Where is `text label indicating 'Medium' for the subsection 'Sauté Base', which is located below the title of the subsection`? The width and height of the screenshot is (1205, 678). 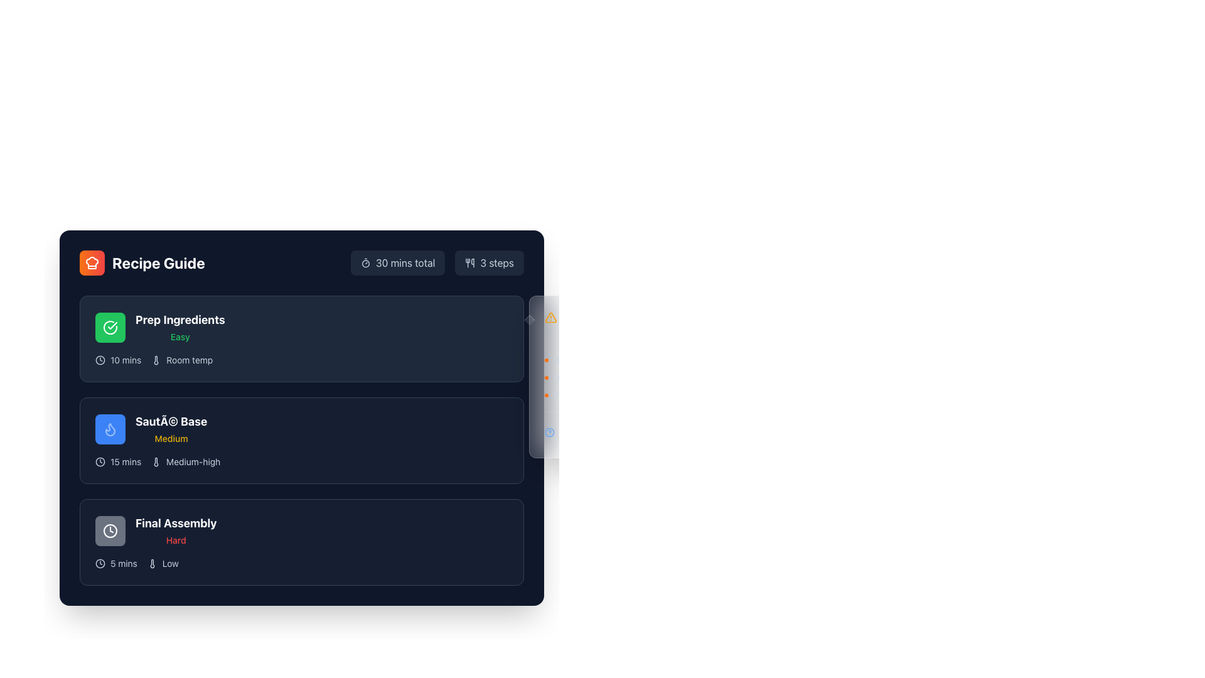 text label indicating 'Medium' for the subsection 'Sauté Base', which is located below the title of the subsection is located at coordinates (171, 438).